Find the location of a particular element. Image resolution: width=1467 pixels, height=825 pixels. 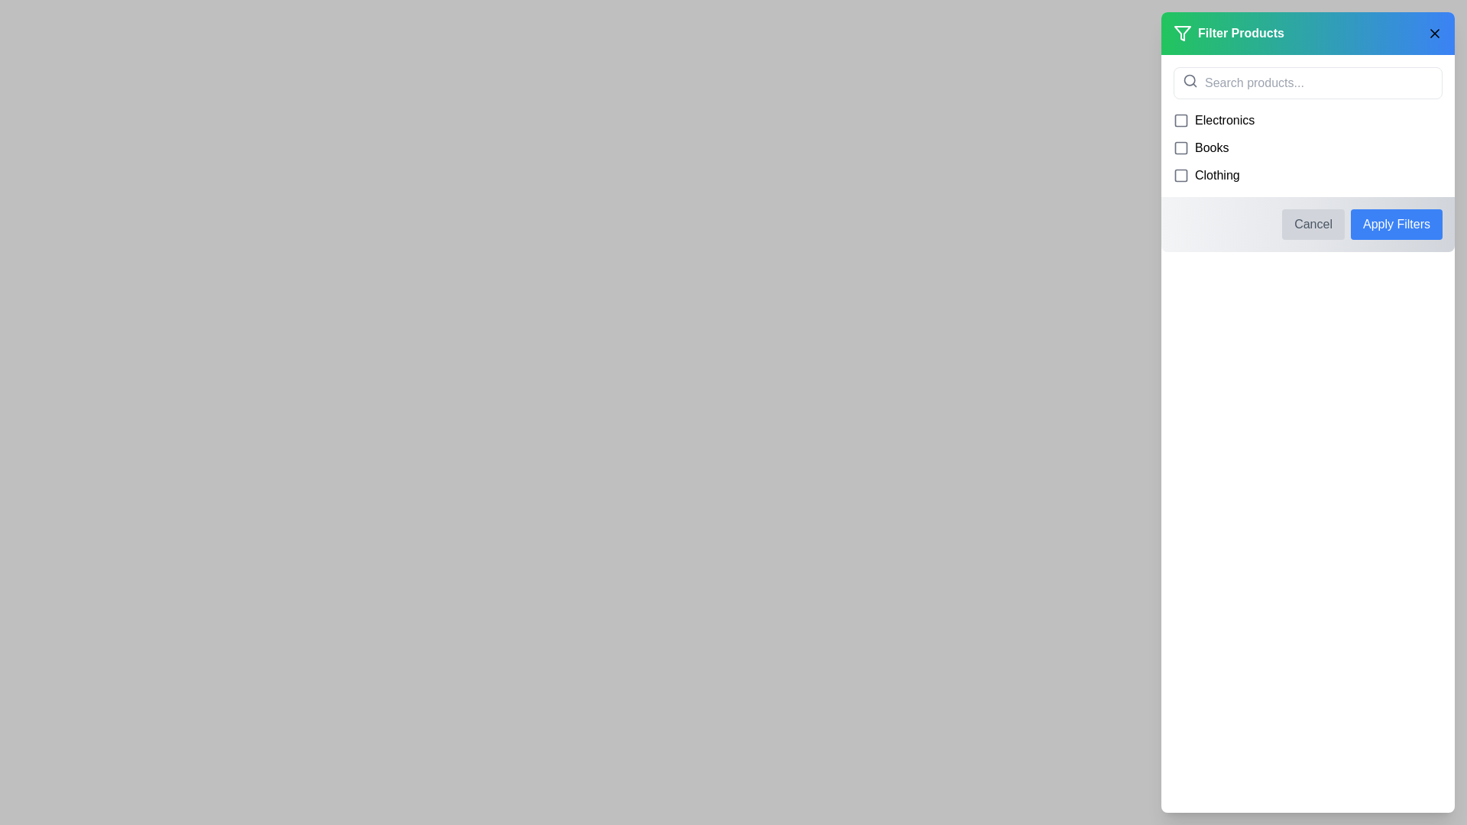

the circular component inside the magnifying glass icon located in the top-left corner of the filter panel is located at coordinates (1189, 80).